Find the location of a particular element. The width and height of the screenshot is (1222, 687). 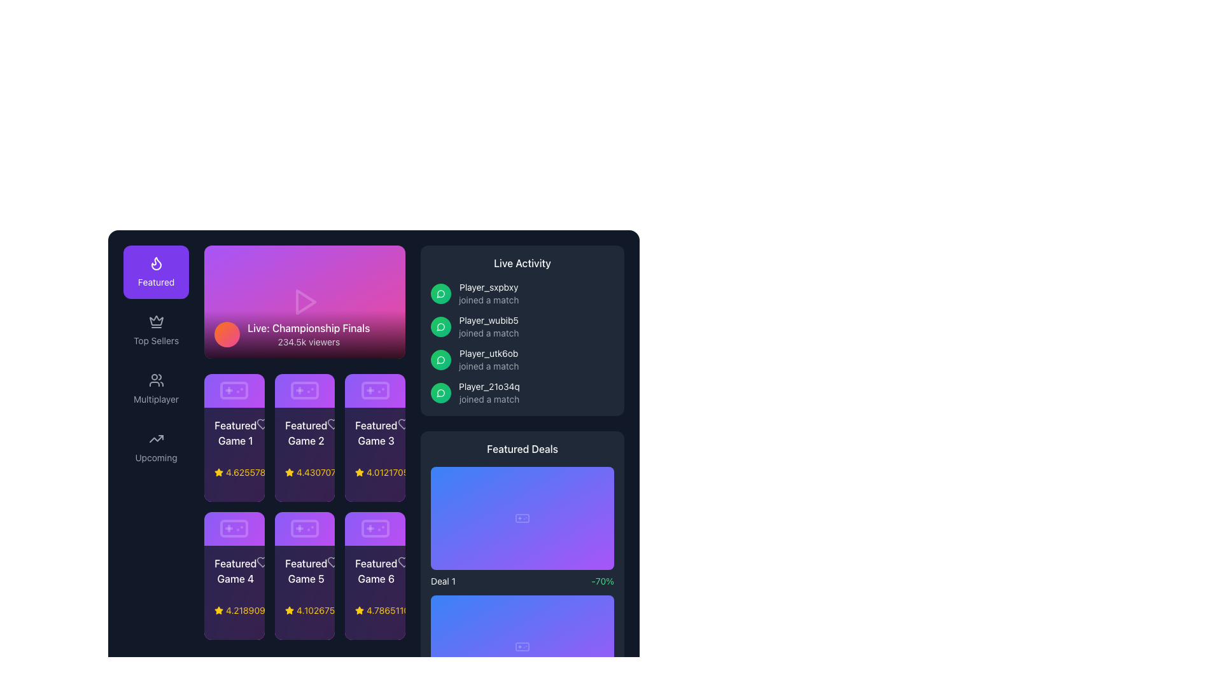

the rating display for 'Featured Game 6' is located at coordinates (420, 610).